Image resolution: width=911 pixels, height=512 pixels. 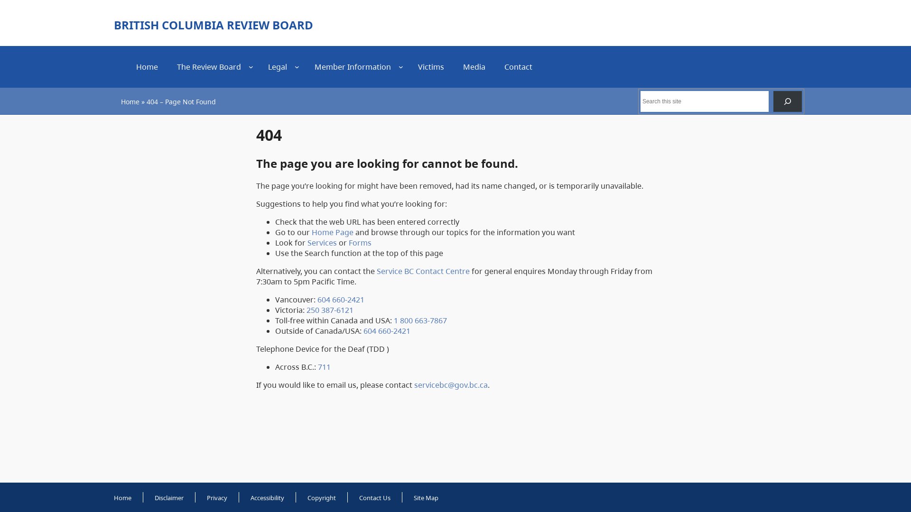 I want to click on 'Copyright', so click(x=321, y=497).